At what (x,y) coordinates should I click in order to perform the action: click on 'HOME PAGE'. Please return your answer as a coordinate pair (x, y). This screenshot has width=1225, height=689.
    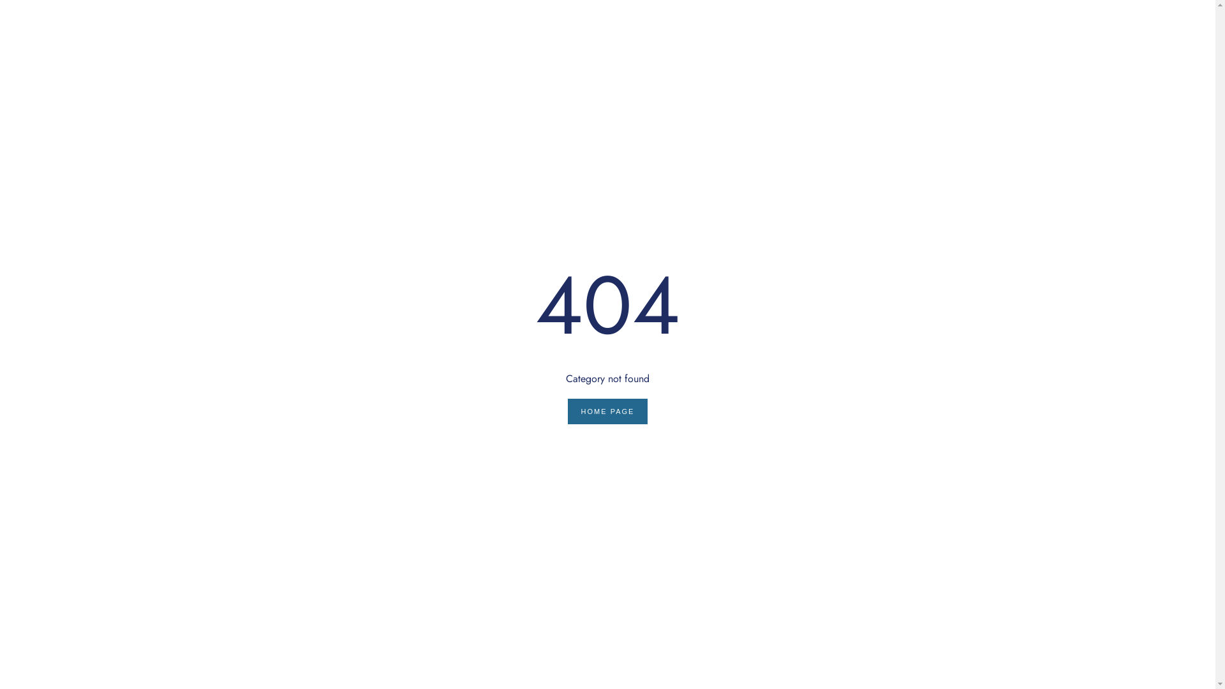
    Looking at the image, I should click on (567, 411).